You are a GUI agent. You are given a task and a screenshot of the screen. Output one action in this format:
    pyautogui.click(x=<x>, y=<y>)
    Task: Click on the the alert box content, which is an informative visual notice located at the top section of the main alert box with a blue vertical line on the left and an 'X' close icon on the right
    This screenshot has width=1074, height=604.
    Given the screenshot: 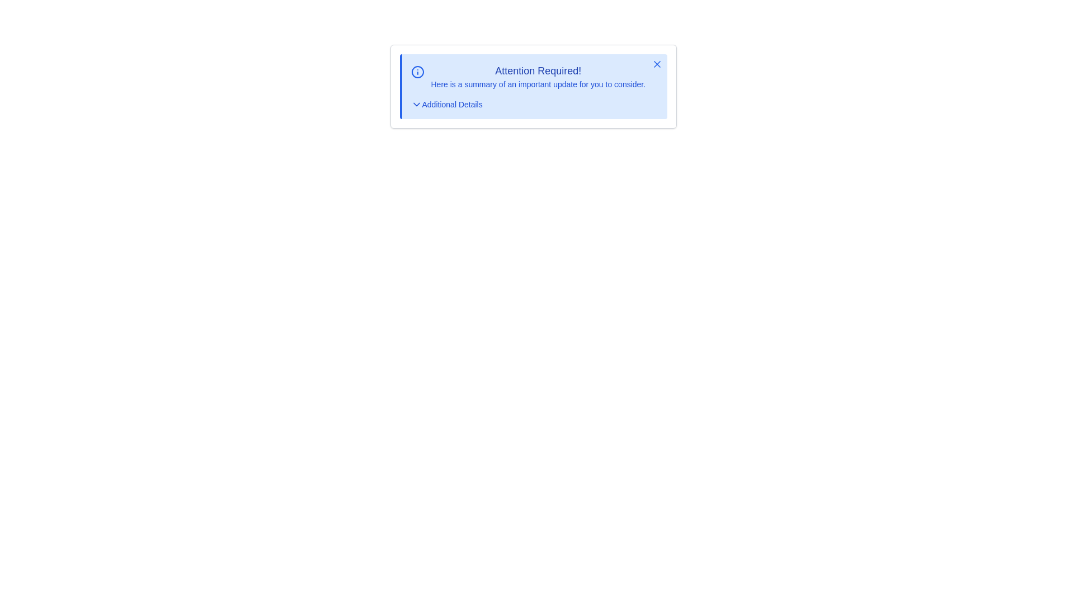 What is the action you would take?
    pyautogui.click(x=534, y=76)
    